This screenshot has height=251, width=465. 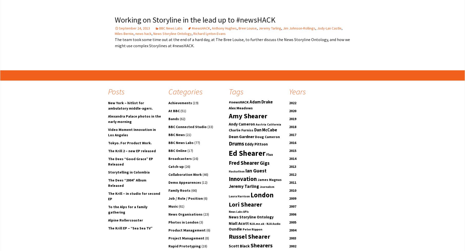 I want to click on 'September 24, 2013', so click(x=134, y=28).